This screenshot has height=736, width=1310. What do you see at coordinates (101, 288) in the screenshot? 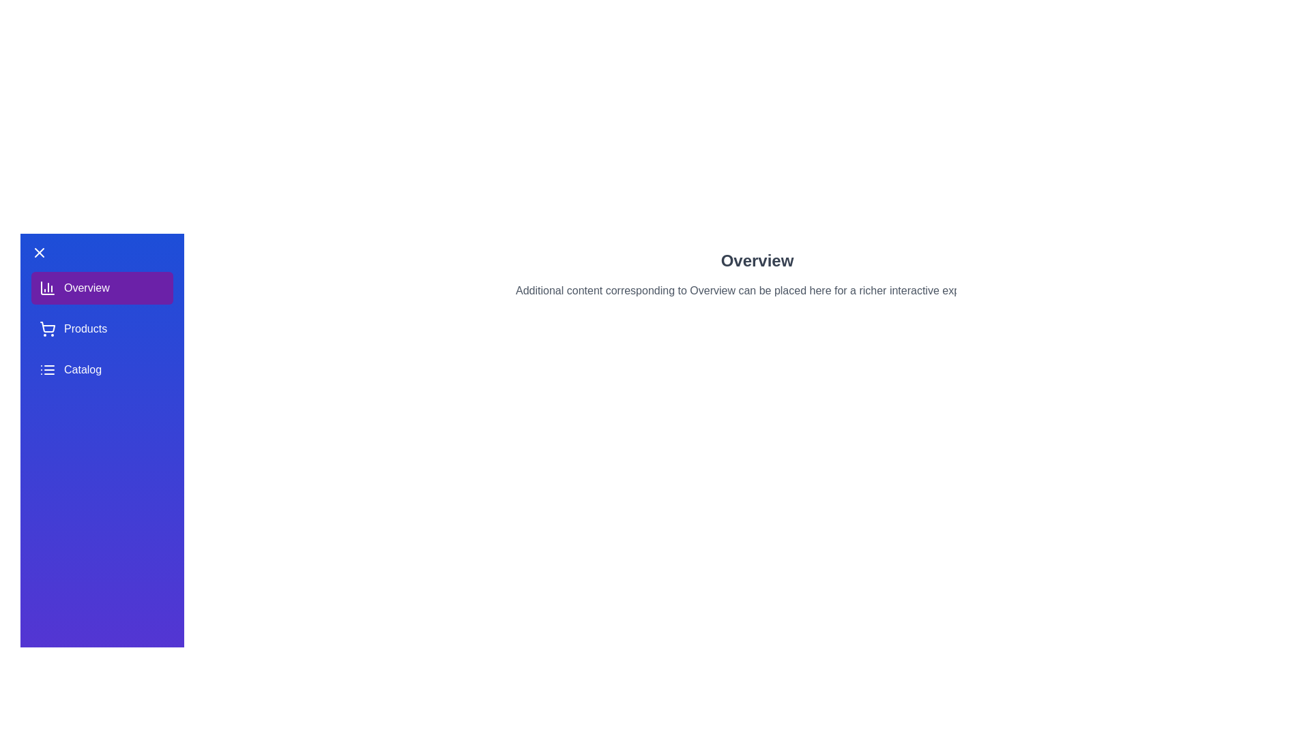
I see `the menu item Overview from the drawer` at bounding box center [101, 288].